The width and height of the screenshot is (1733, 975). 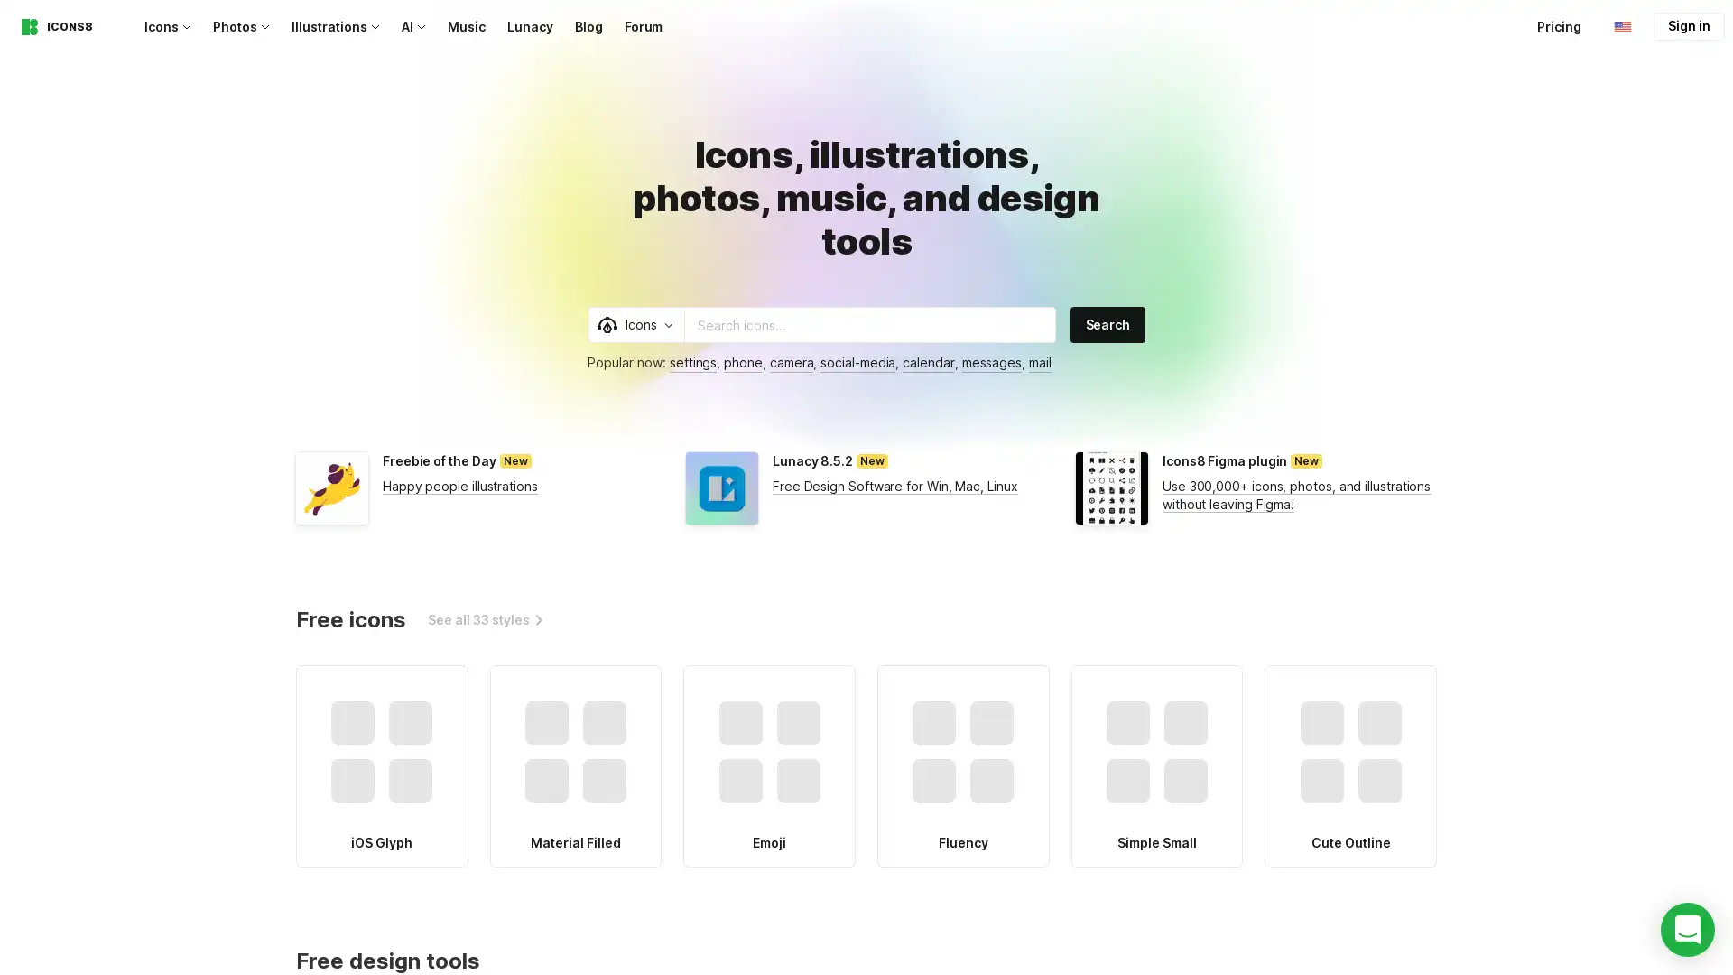 What do you see at coordinates (1107, 323) in the screenshot?
I see `Search` at bounding box center [1107, 323].